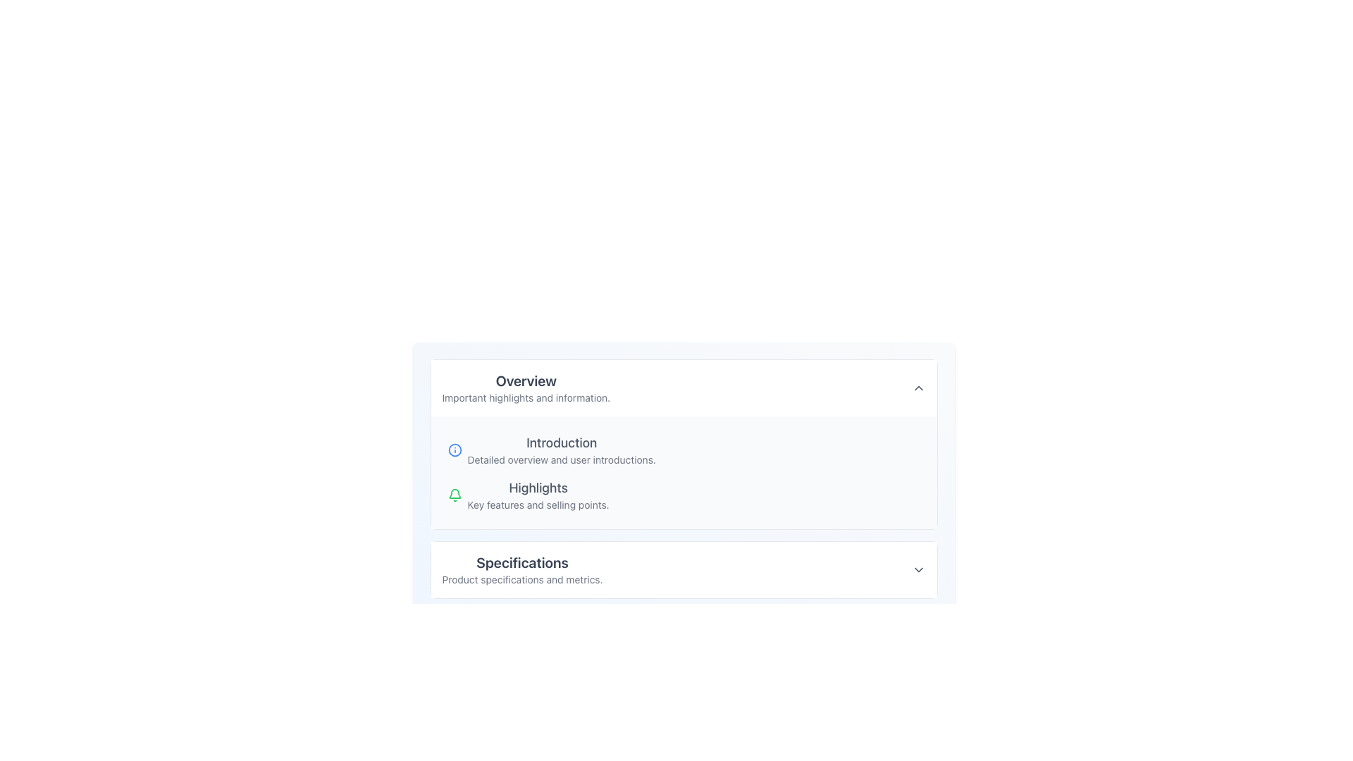 Image resolution: width=1353 pixels, height=761 pixels. I want to click on the informative marker icon positioned to the far left of the 'Introduction' section, preceding the title and description text, so click(455, 450).